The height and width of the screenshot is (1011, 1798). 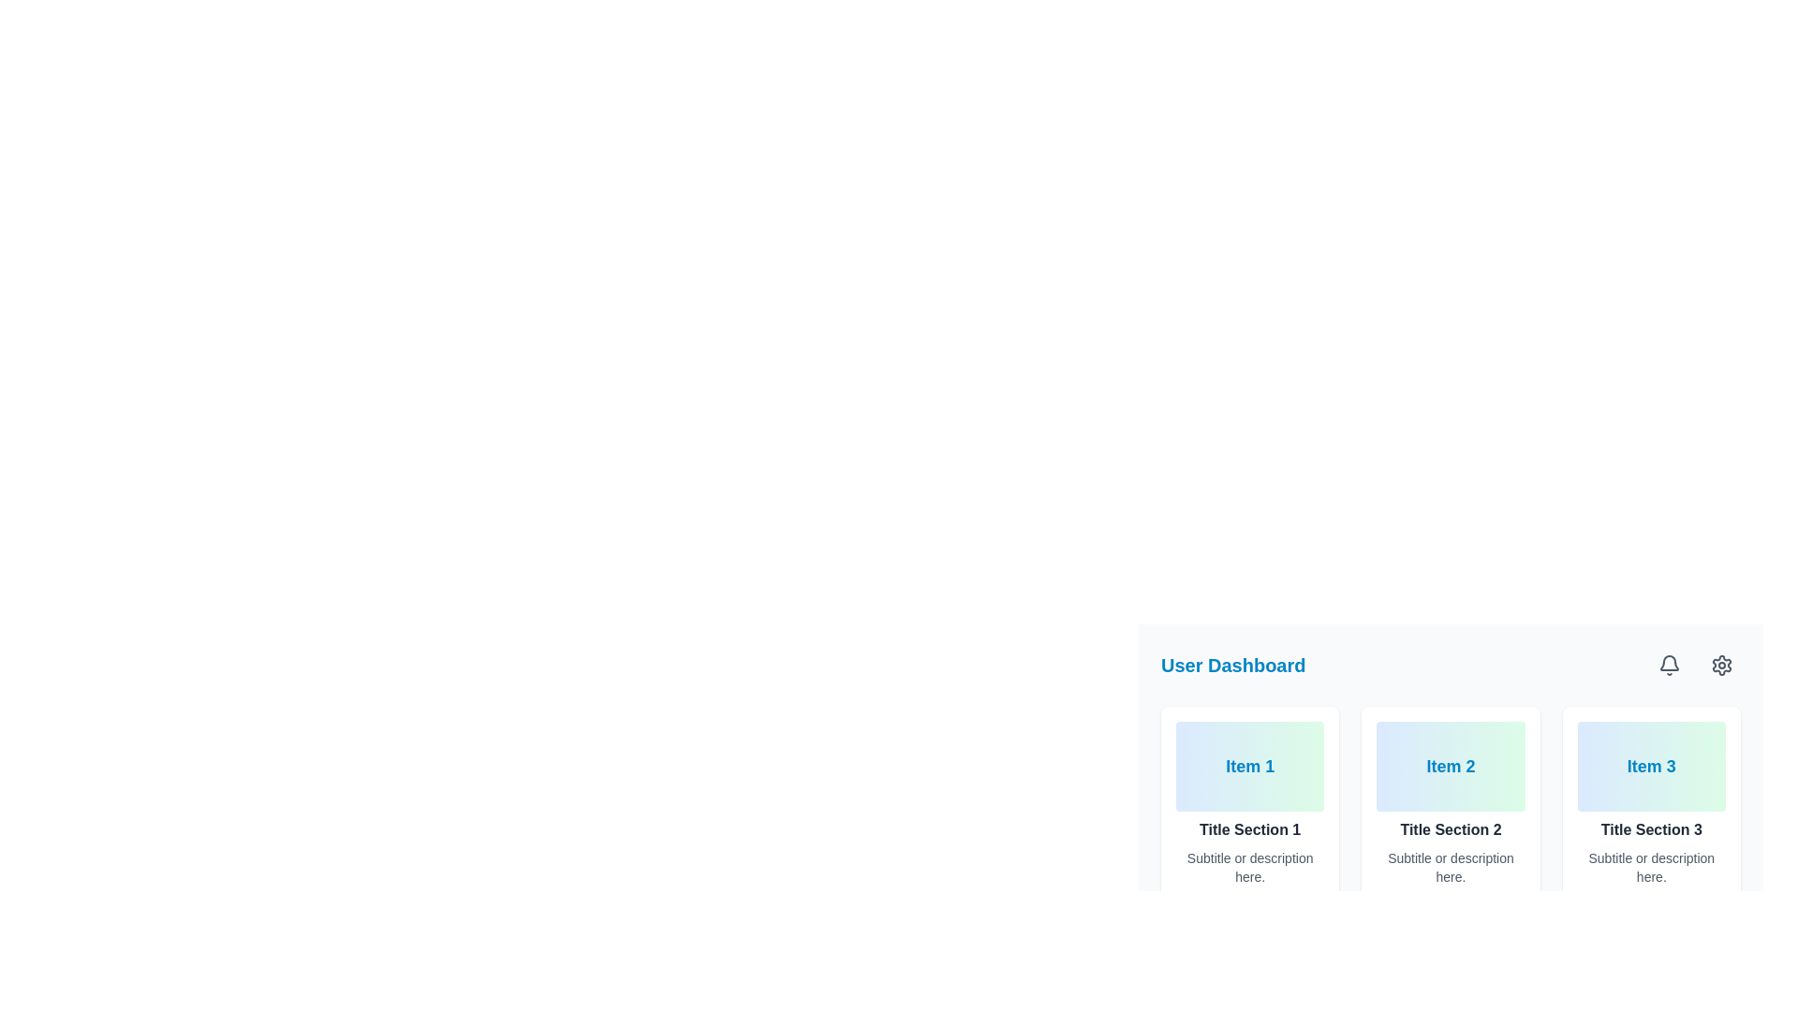 I want to click on the interactive card labeled 'Item 2' within the user dashboard interface, so click(x=1450, y=745).